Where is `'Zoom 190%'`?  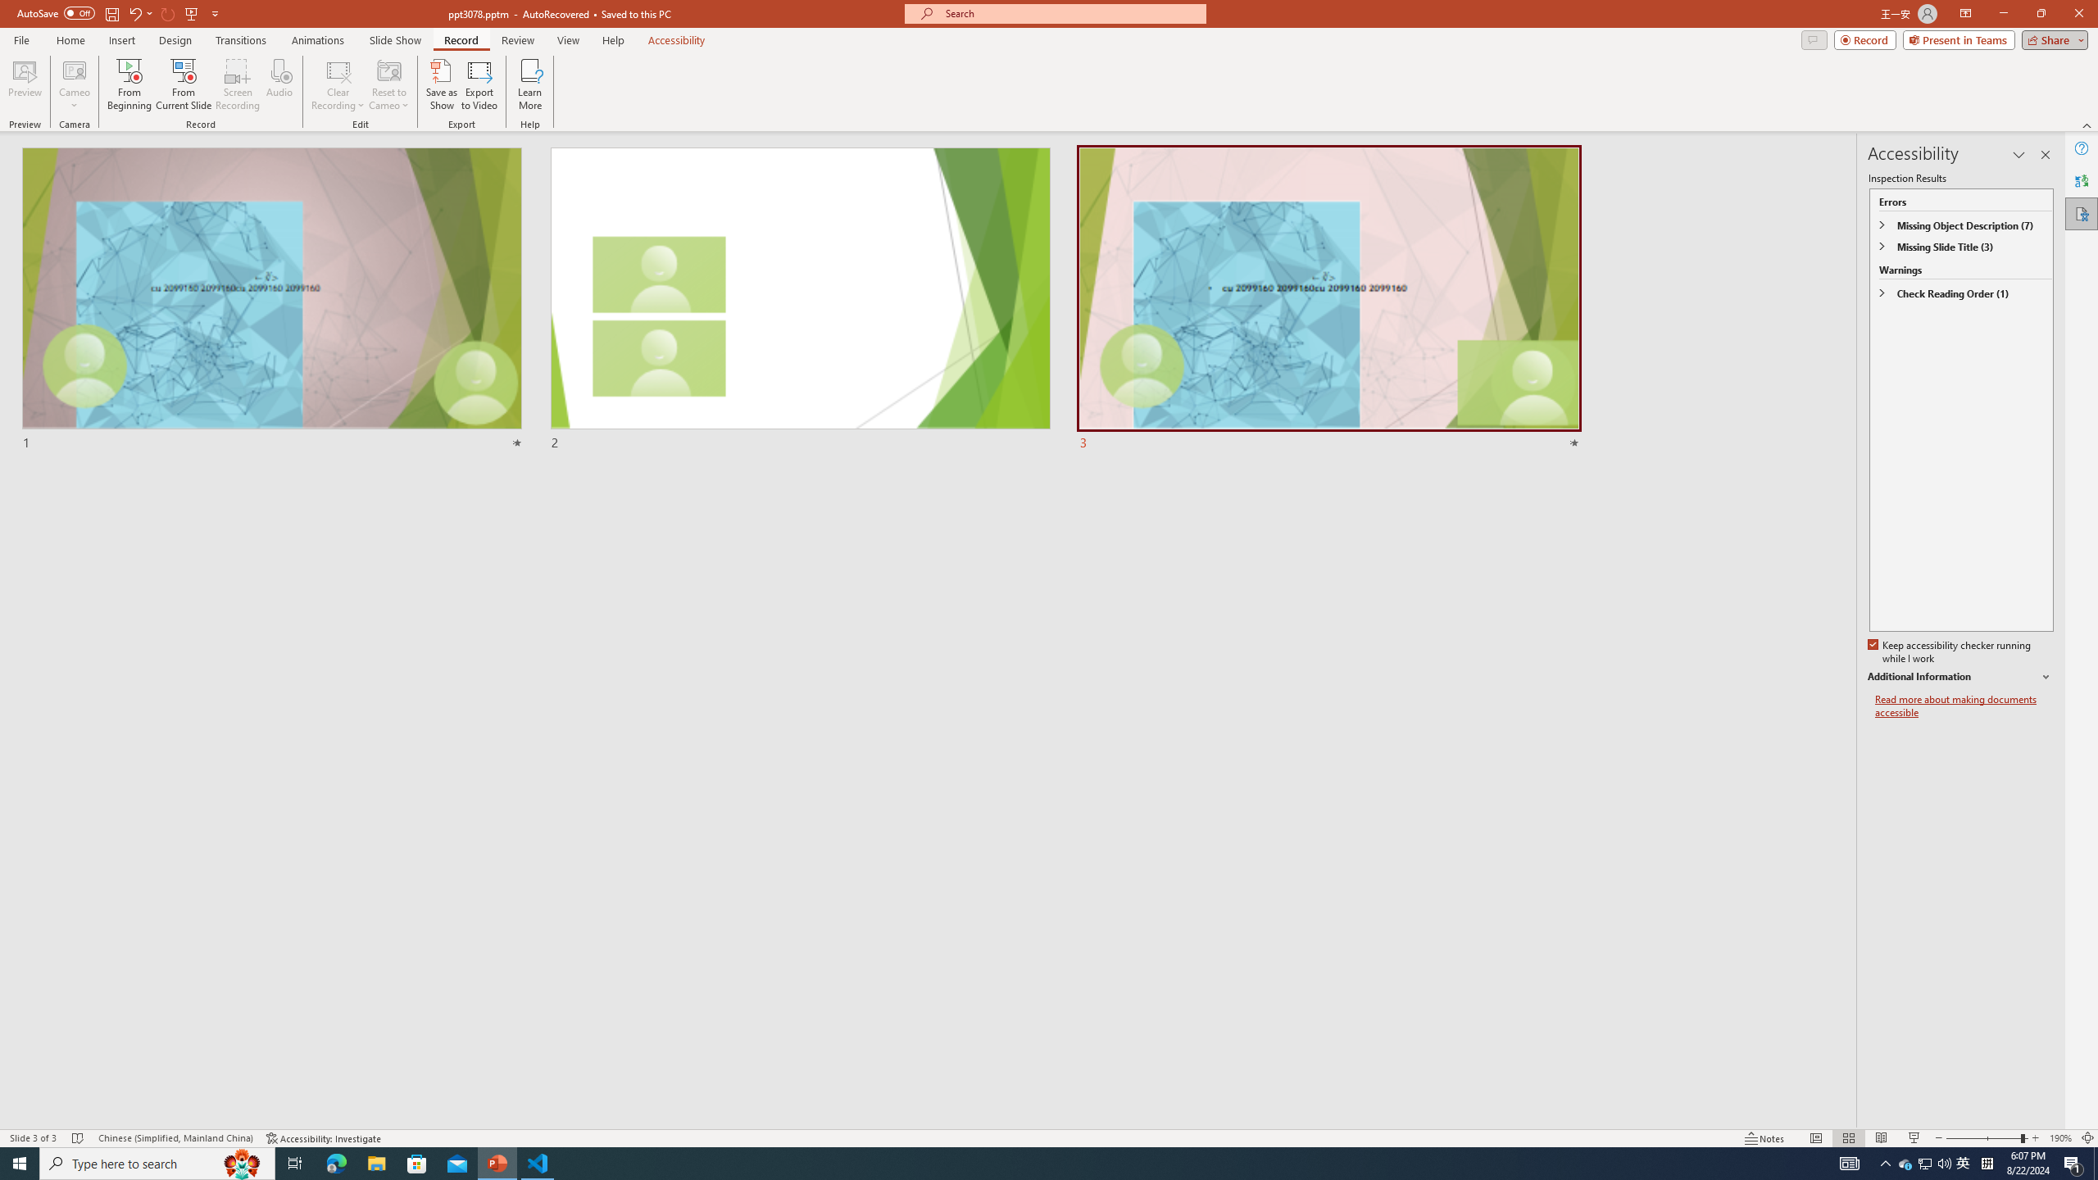
'Zoom 190%' is located at coordinates (2061, 1138).